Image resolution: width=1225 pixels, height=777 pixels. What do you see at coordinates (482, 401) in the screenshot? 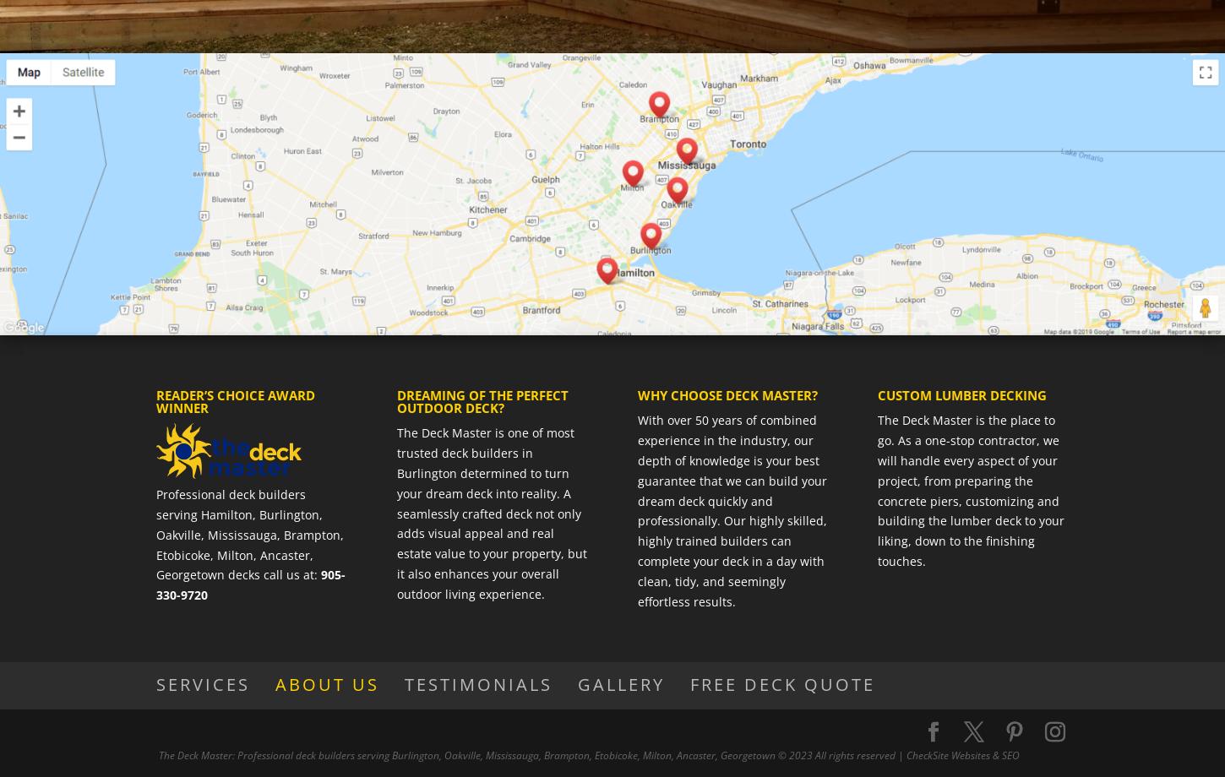
I see `'Dreaming of the perfect outdoor deck?'` at bounding box center [482, 401].